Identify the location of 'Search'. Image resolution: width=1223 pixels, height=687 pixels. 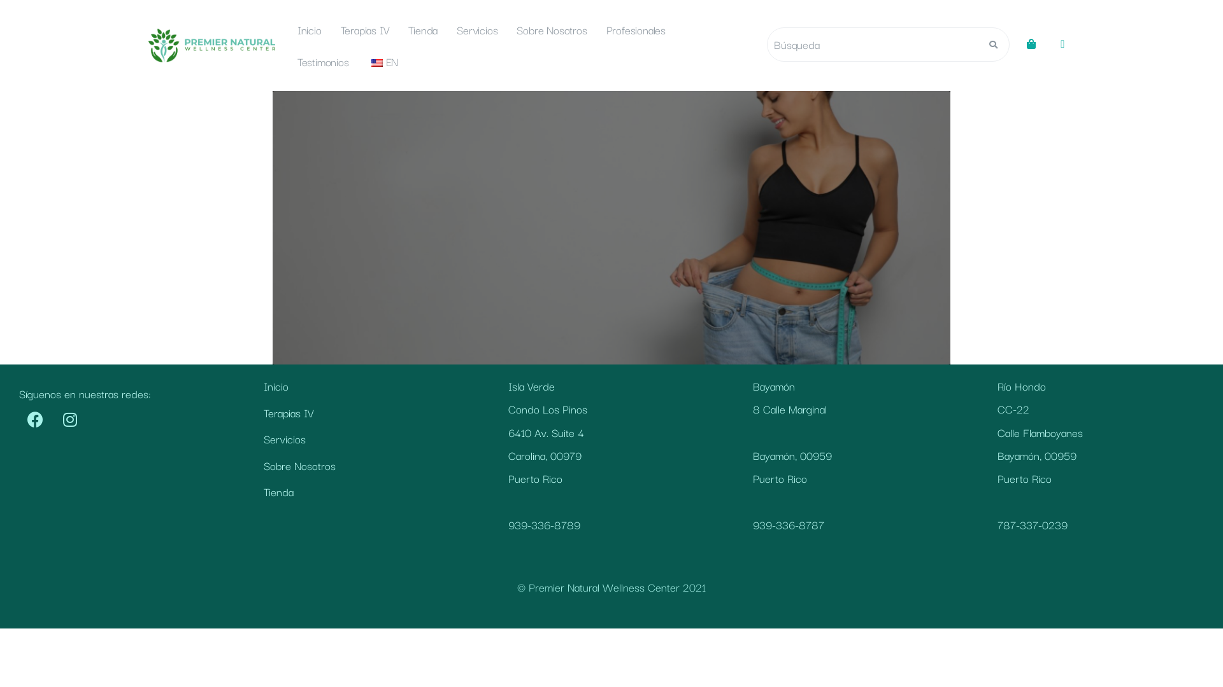
(871, 43).